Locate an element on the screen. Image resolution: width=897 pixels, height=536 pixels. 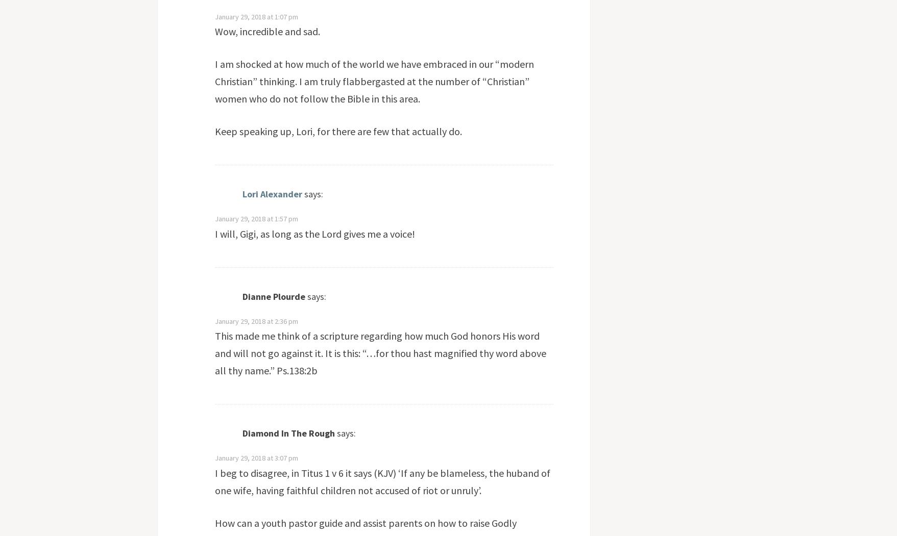
'I am shocked at how much of the world we have embraced in our “modern Christian” thinking. I am truly flabbergasted at the number of “Christian” women who do not follow the Bible in this area.' is located at coordinates (373, 81).